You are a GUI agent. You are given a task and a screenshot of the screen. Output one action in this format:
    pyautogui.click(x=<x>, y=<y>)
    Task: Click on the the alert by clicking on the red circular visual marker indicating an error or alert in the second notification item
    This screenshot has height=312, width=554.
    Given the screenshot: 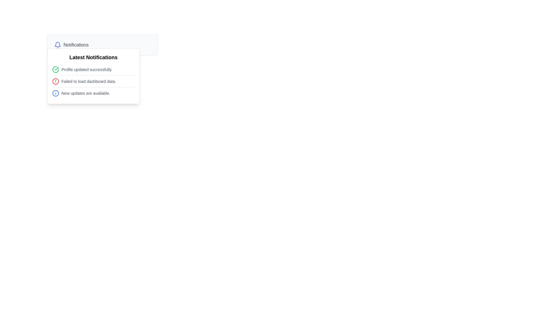 What is the action you would take?
    pyautogui.click(x=55, y=81)
    